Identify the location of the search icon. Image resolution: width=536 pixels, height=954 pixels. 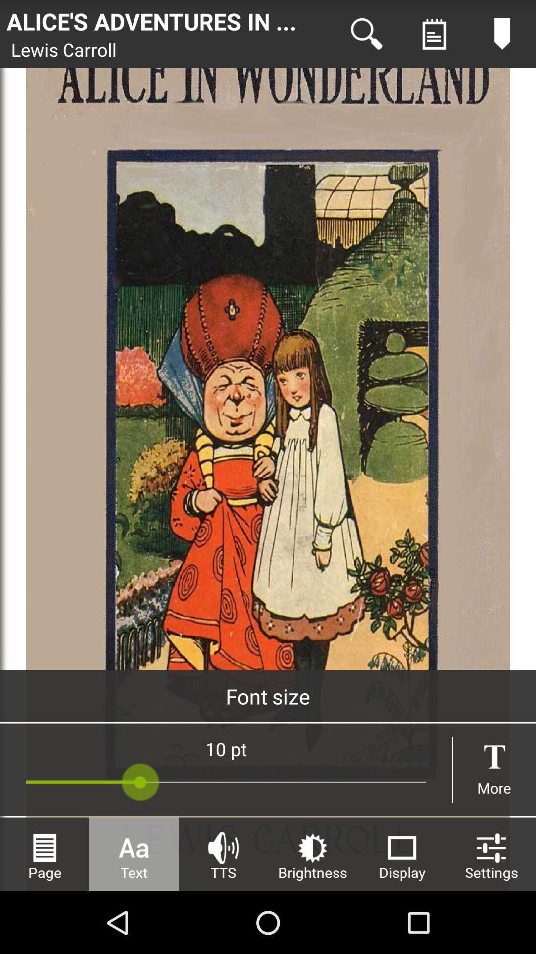
(366, 36).